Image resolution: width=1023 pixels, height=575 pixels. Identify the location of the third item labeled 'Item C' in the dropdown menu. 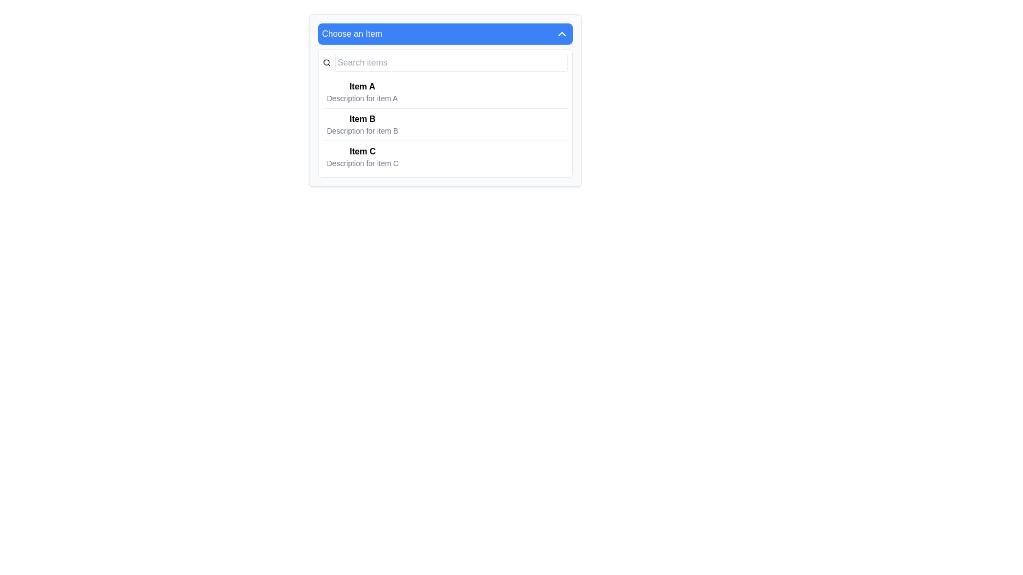
(362, 157).